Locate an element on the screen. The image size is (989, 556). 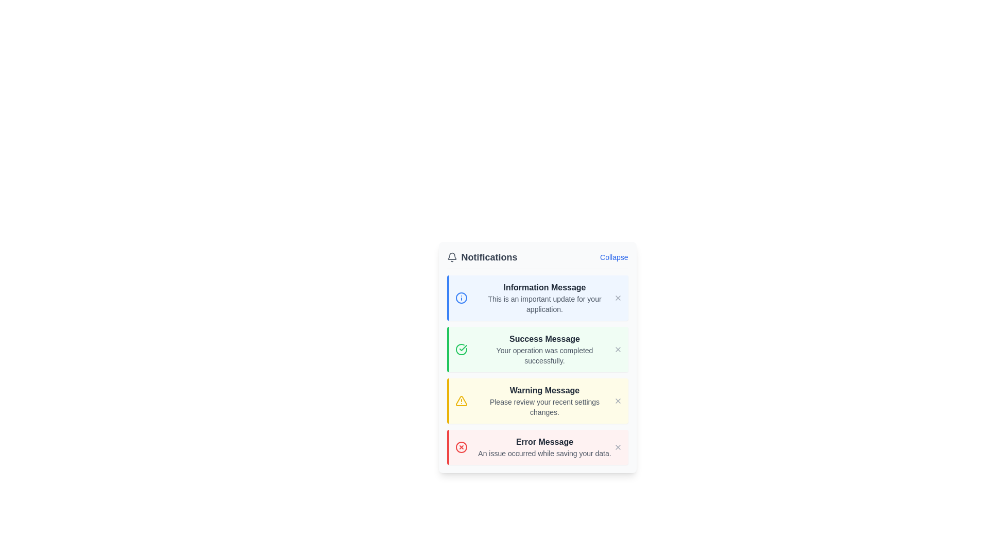
the 'Notifications' text with the bell icon in the header bar is located at coordinates (482, 257).